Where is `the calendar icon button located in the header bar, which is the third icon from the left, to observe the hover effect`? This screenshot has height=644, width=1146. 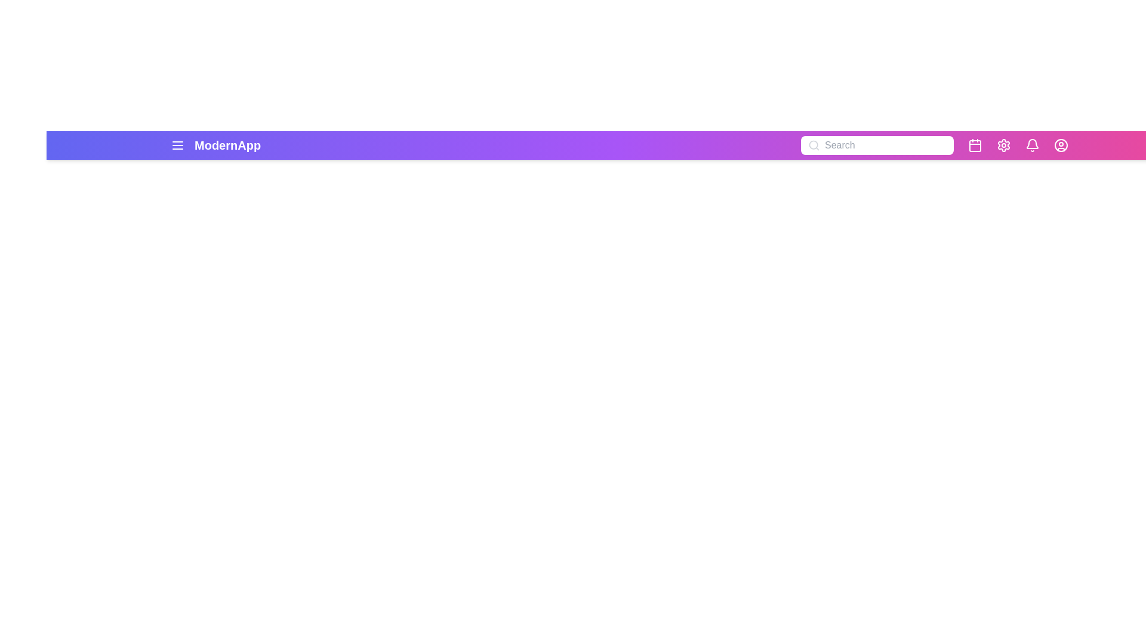 the calendar icon button located in the header bar, which is the third icon from the left, to observe the hover effect is located at coordinates (975, 144).